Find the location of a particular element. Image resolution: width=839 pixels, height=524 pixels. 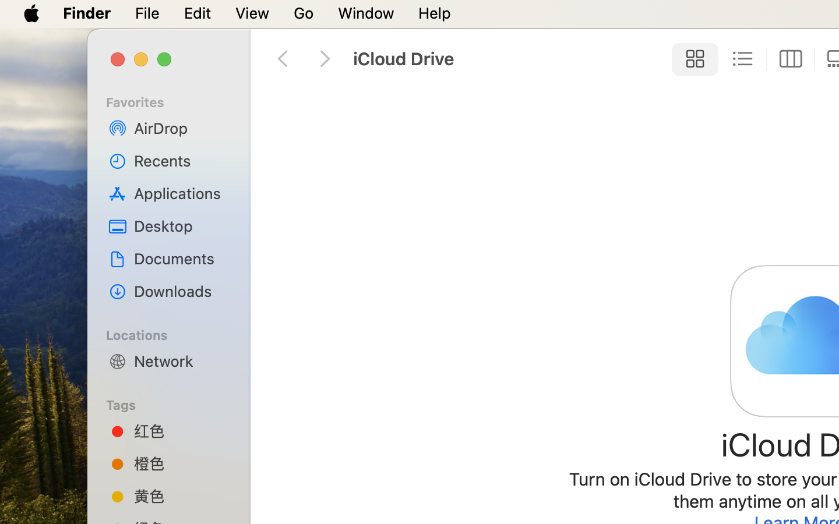

'橙色' is located at coordinates (181, 463).